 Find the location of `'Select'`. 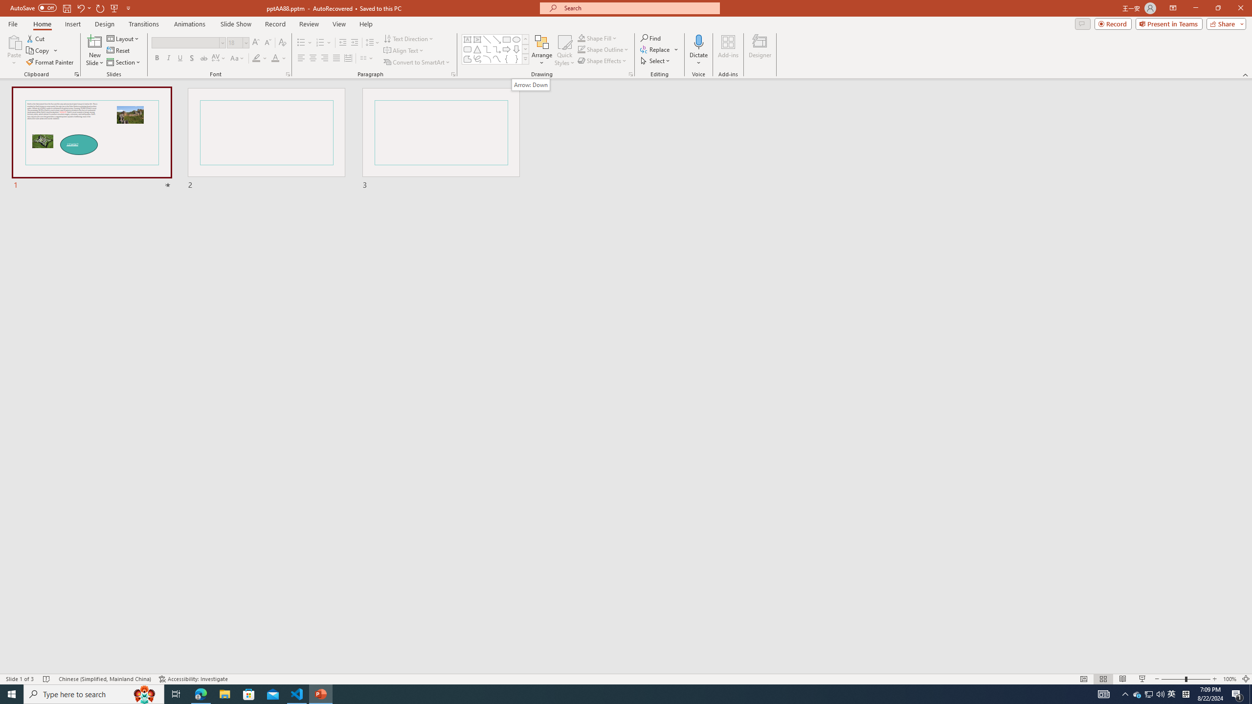

'Select' is located at coordinates (656, 60).